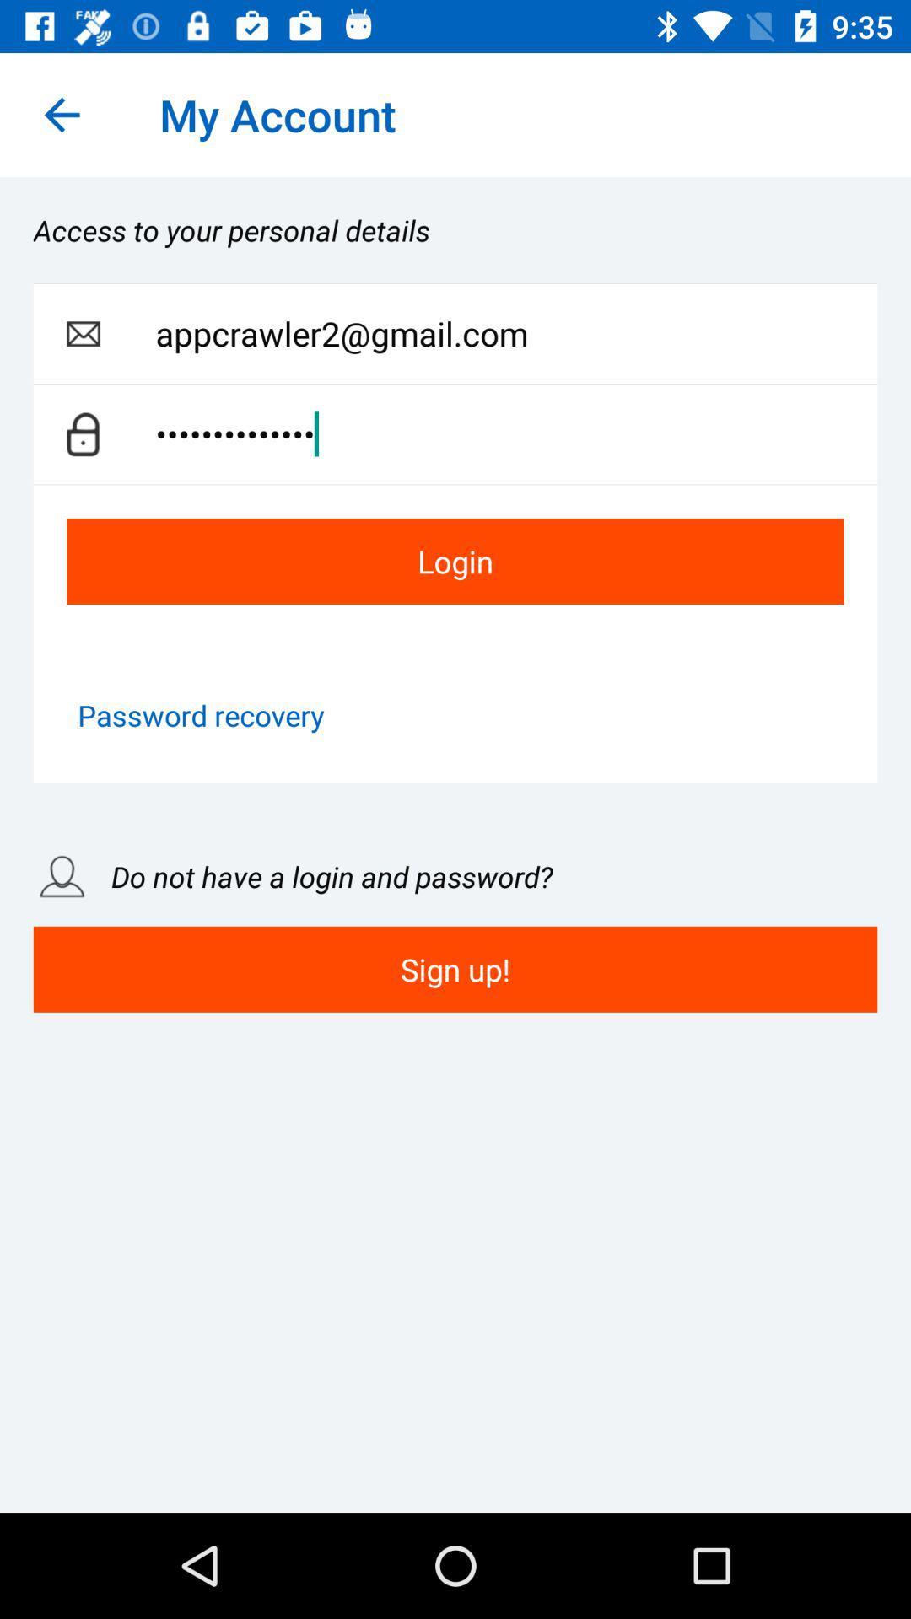 Image resolution: width=911 pixels, height=1619 pixels. What do you see at coordinates (61, 114) in the screenshot?
I see `the item above the access to your item` at bounding box center [61, 114].